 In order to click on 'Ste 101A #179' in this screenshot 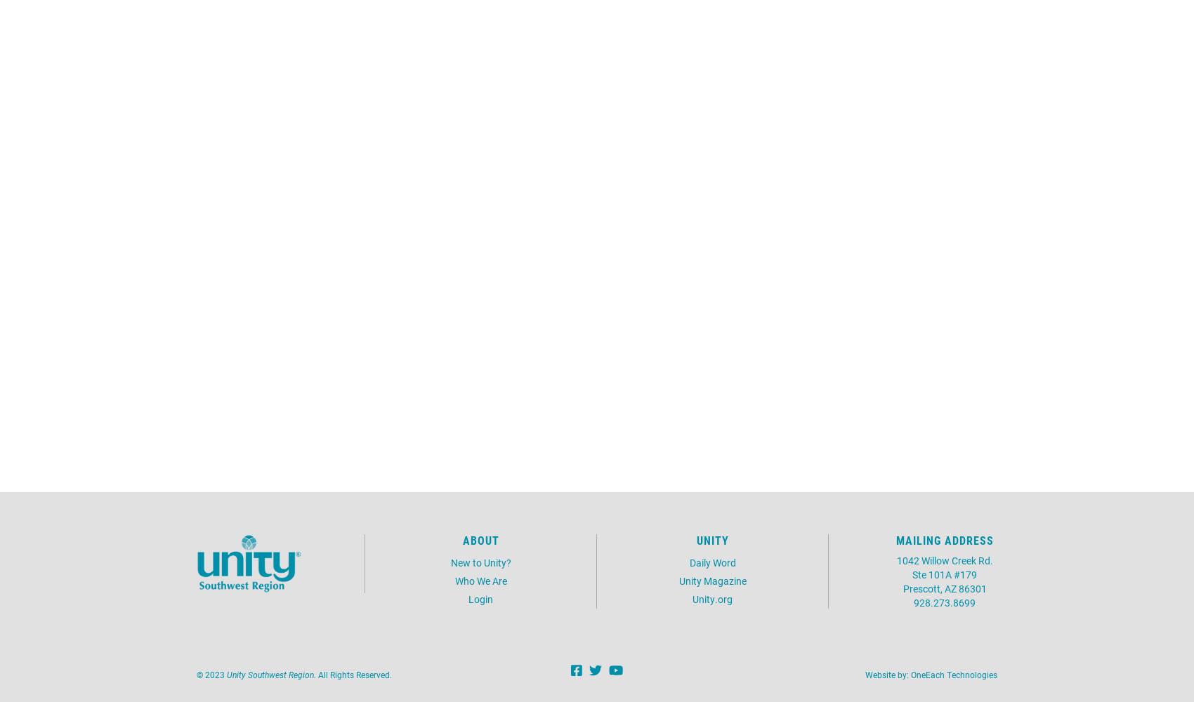, I will do `click(945, 573)`.